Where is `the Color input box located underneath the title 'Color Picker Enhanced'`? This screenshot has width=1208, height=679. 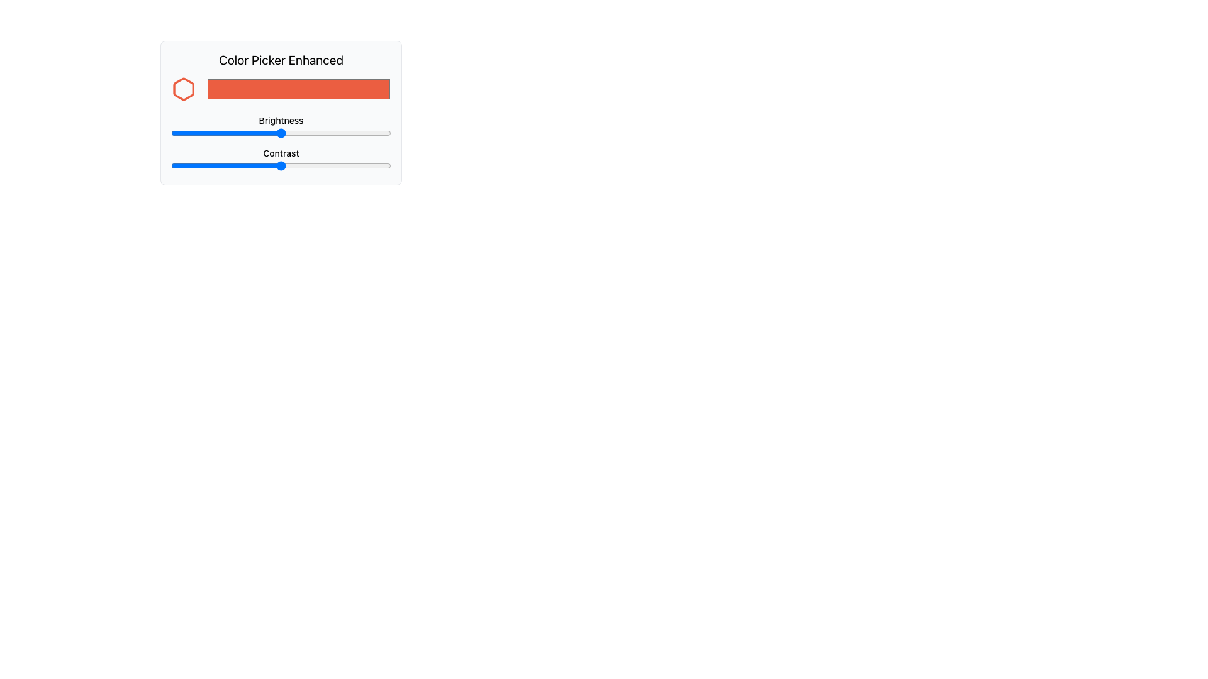 the Color input box located underneath the title 'Color Picker Enhanced' is located at coordinates (298, 89).